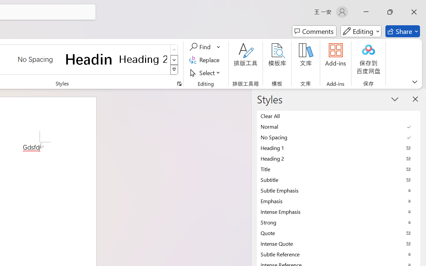  Describe the element at coordinates (179, 83) in the screenshot. I see `'Styles...'` at that location.